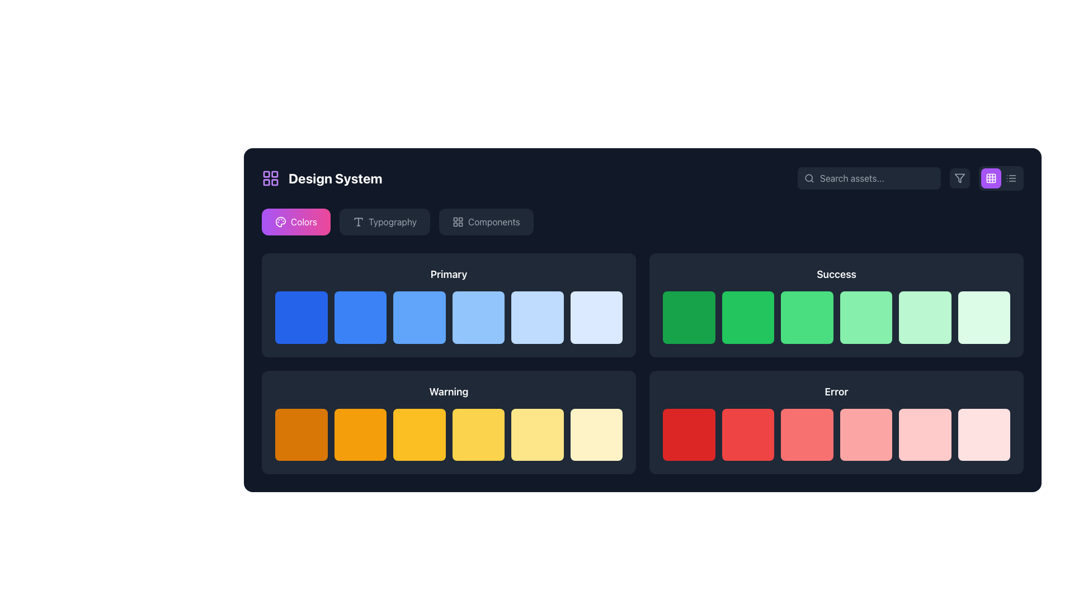  Describe the element at coordinates (807, 434) in the screenshot. I see `the interactive color swatch with a light red background, located under the 'Error' section` at that location.